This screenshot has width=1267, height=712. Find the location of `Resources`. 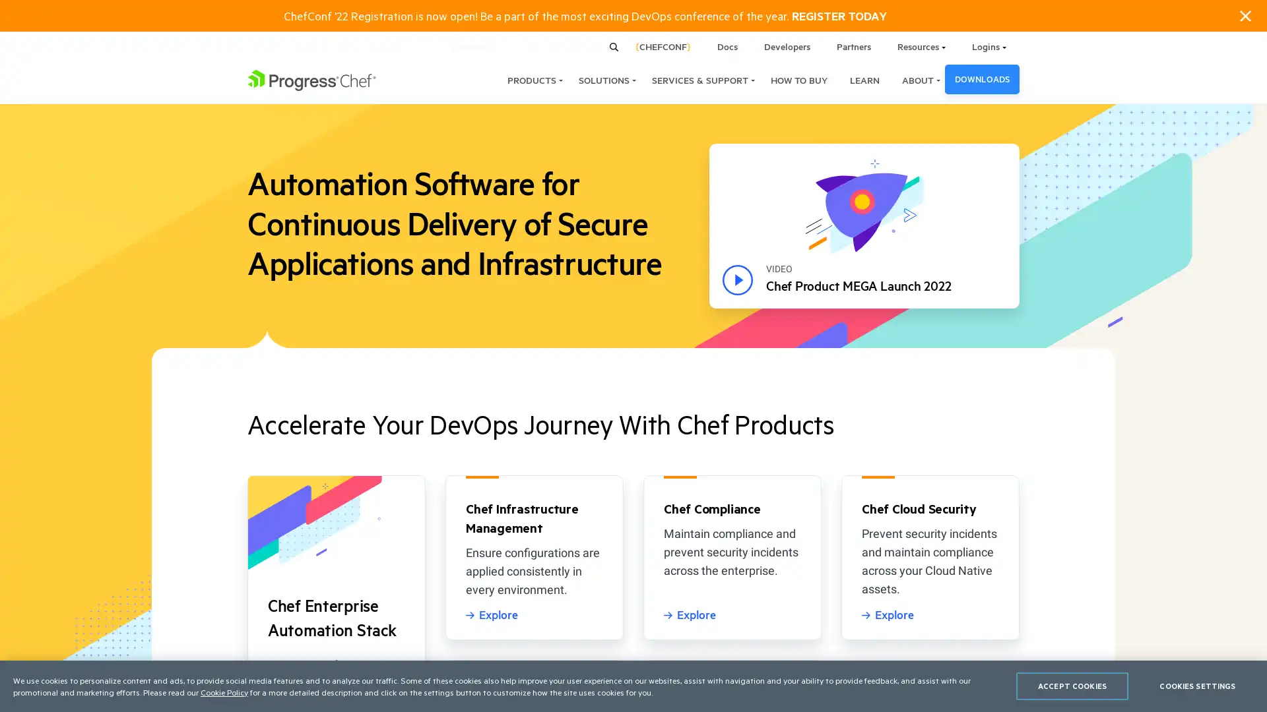

Resources is located at coordinates (921, 47).